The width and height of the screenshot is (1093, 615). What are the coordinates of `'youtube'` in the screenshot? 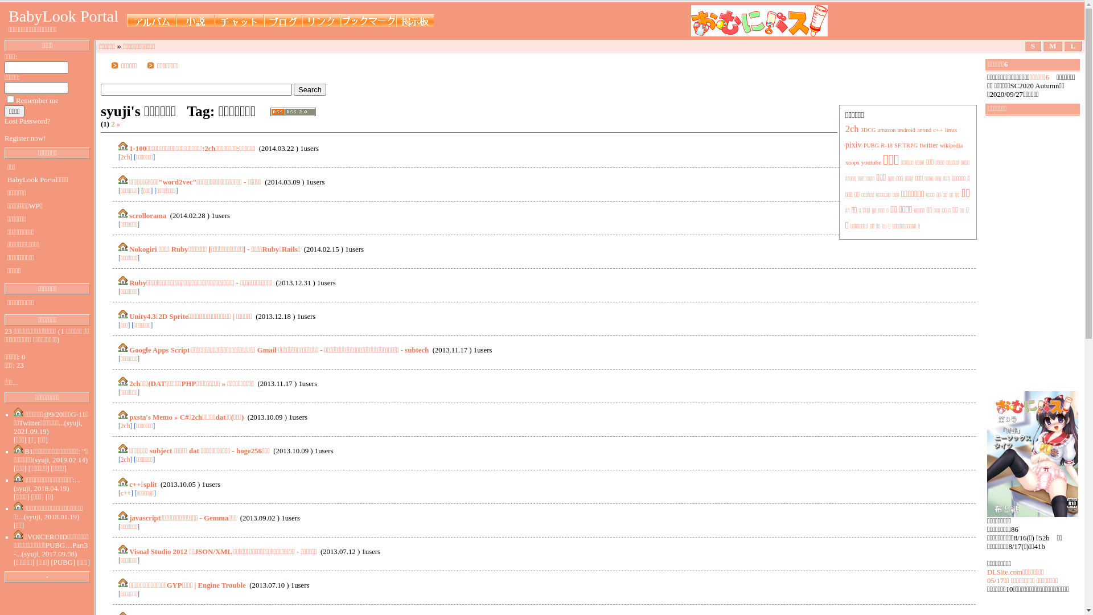 It's located at (870, 162).